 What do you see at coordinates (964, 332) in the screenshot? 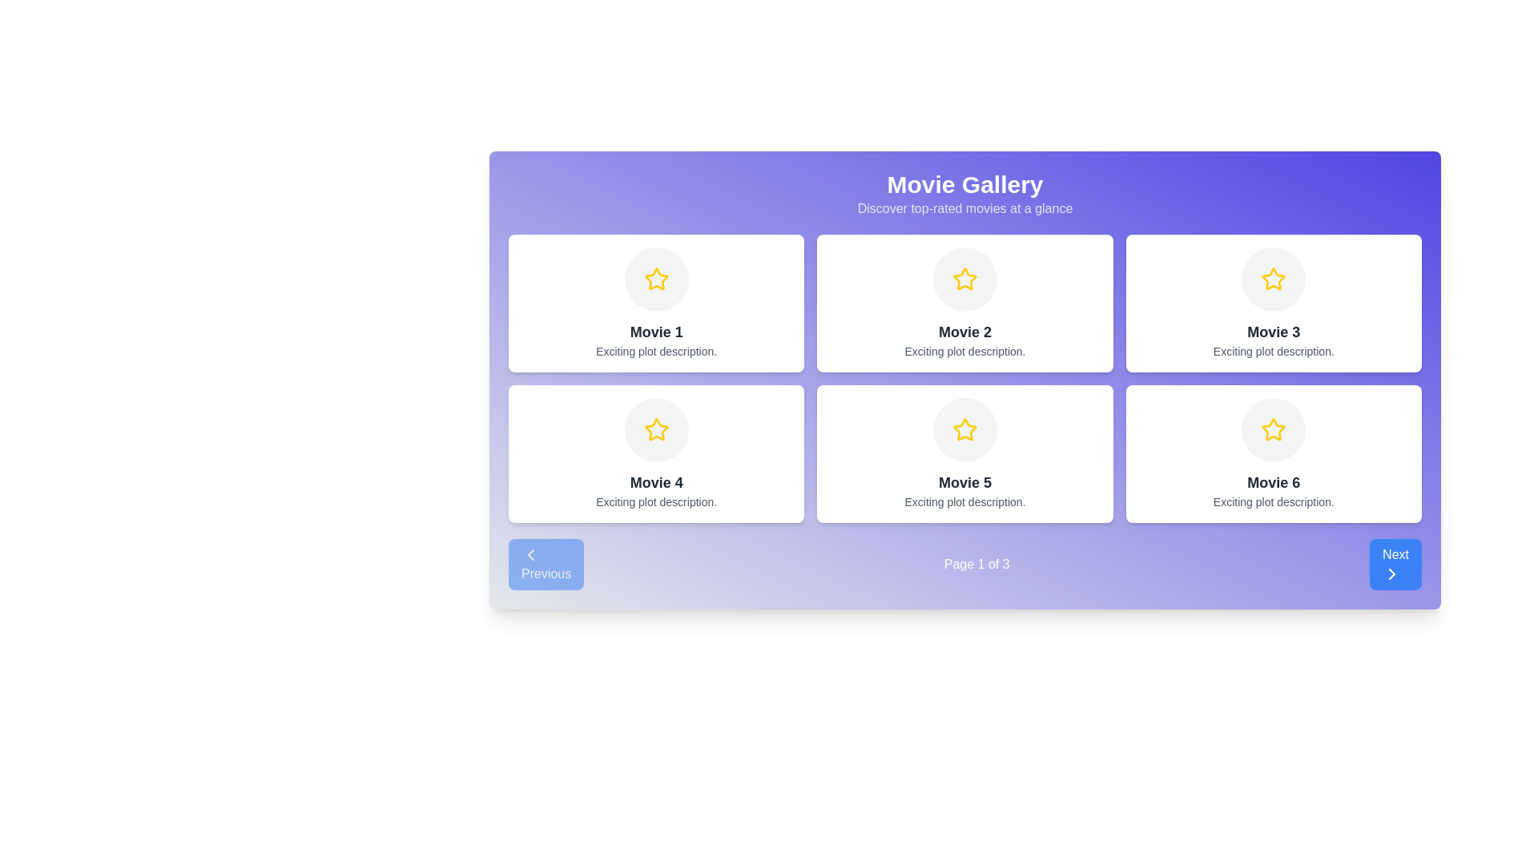
I see `the text label displaying 'Movie 2' in bold and large font, located at the center of the second movie card in the grid layout` at bounding box center [964, 332].